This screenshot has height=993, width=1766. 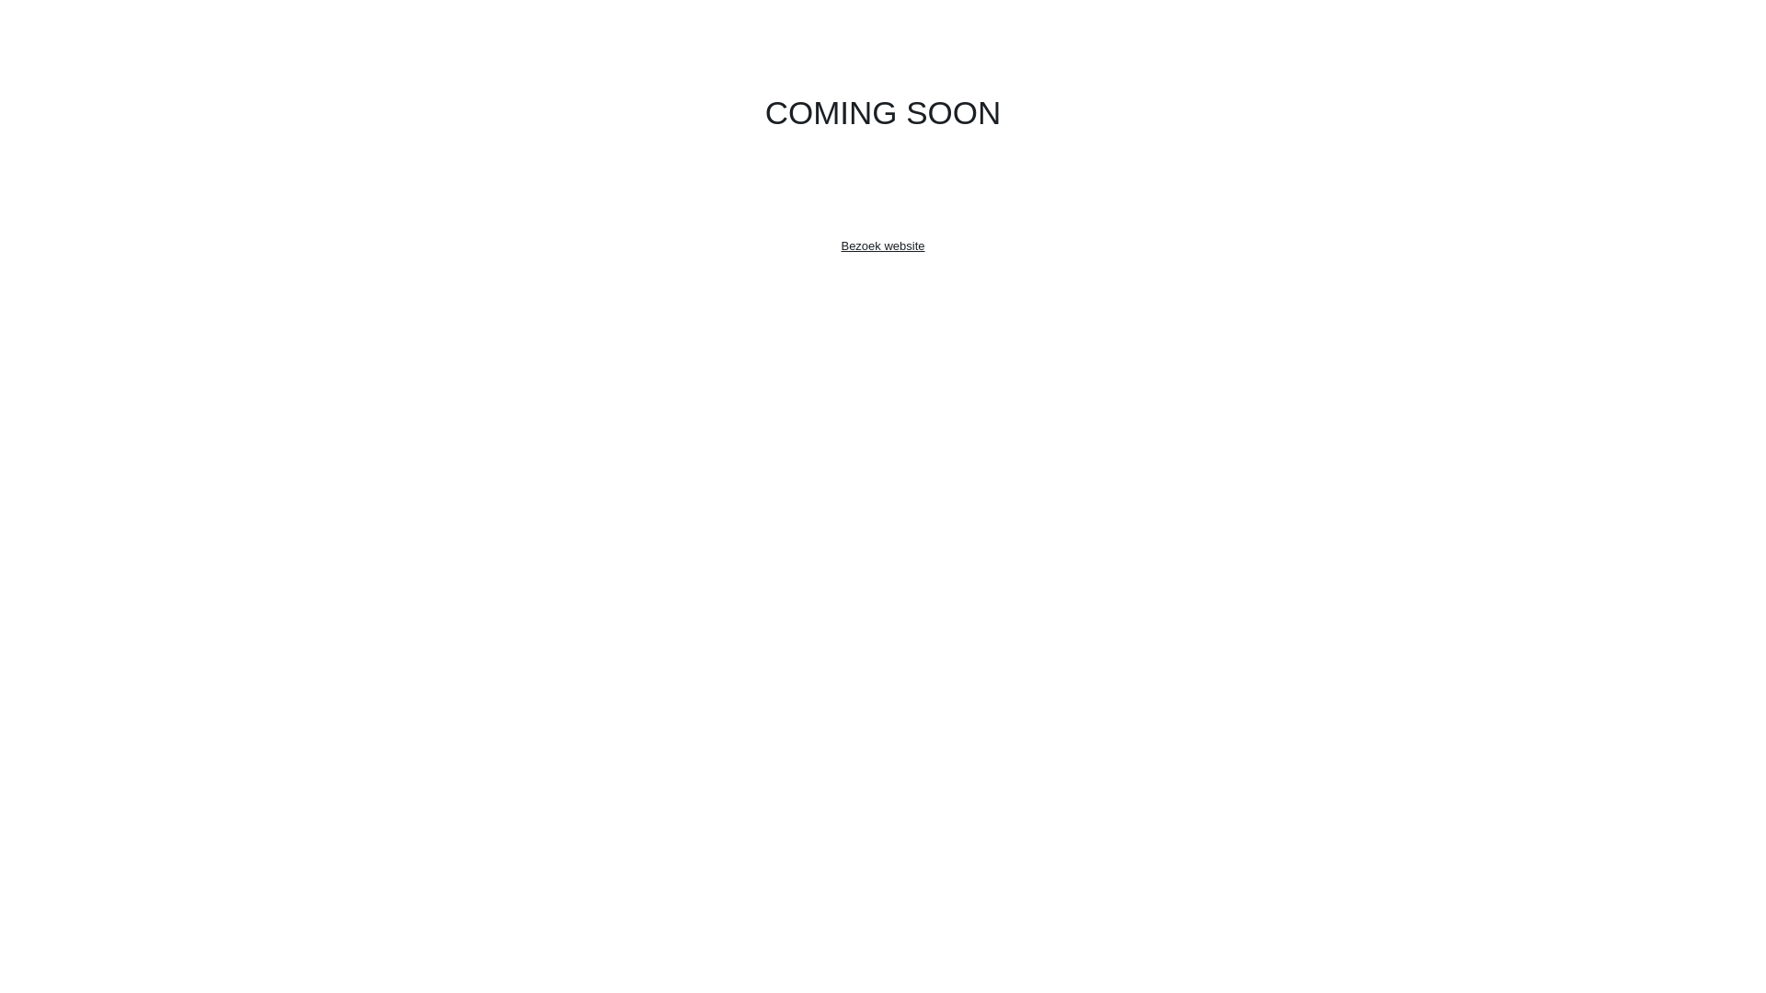 I want to click on 'Bezoek website', so click(x=881, y=245).